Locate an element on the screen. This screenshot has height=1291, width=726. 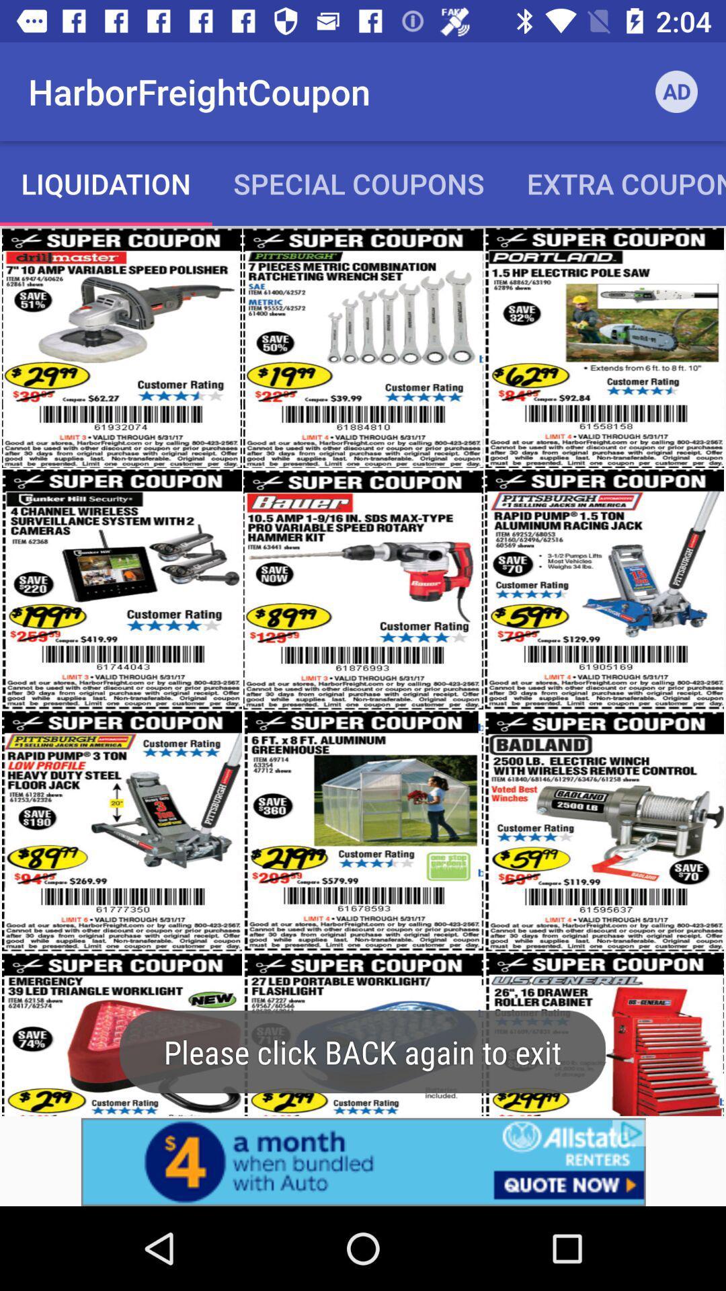
advert is located at coordinates (363, 1161).